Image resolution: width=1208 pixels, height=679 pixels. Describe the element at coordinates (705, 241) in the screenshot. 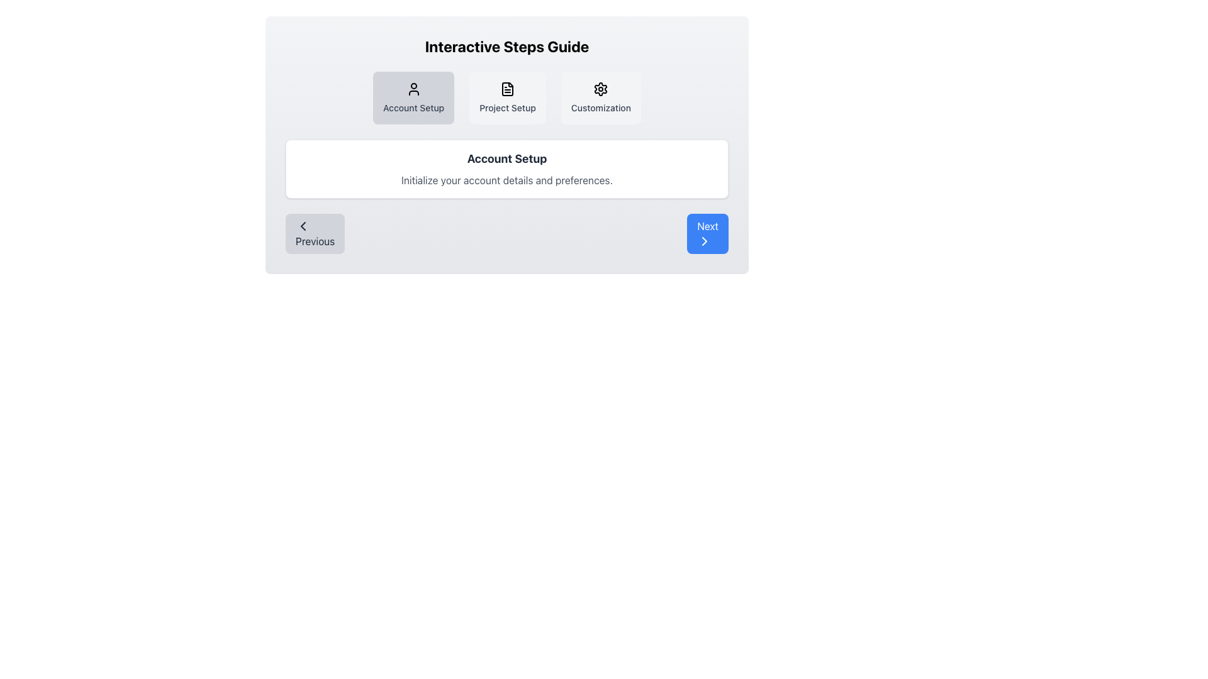

I see `the chevron icon within the blue 'Next' button located at the bottom-right corner of the interface` at that location.